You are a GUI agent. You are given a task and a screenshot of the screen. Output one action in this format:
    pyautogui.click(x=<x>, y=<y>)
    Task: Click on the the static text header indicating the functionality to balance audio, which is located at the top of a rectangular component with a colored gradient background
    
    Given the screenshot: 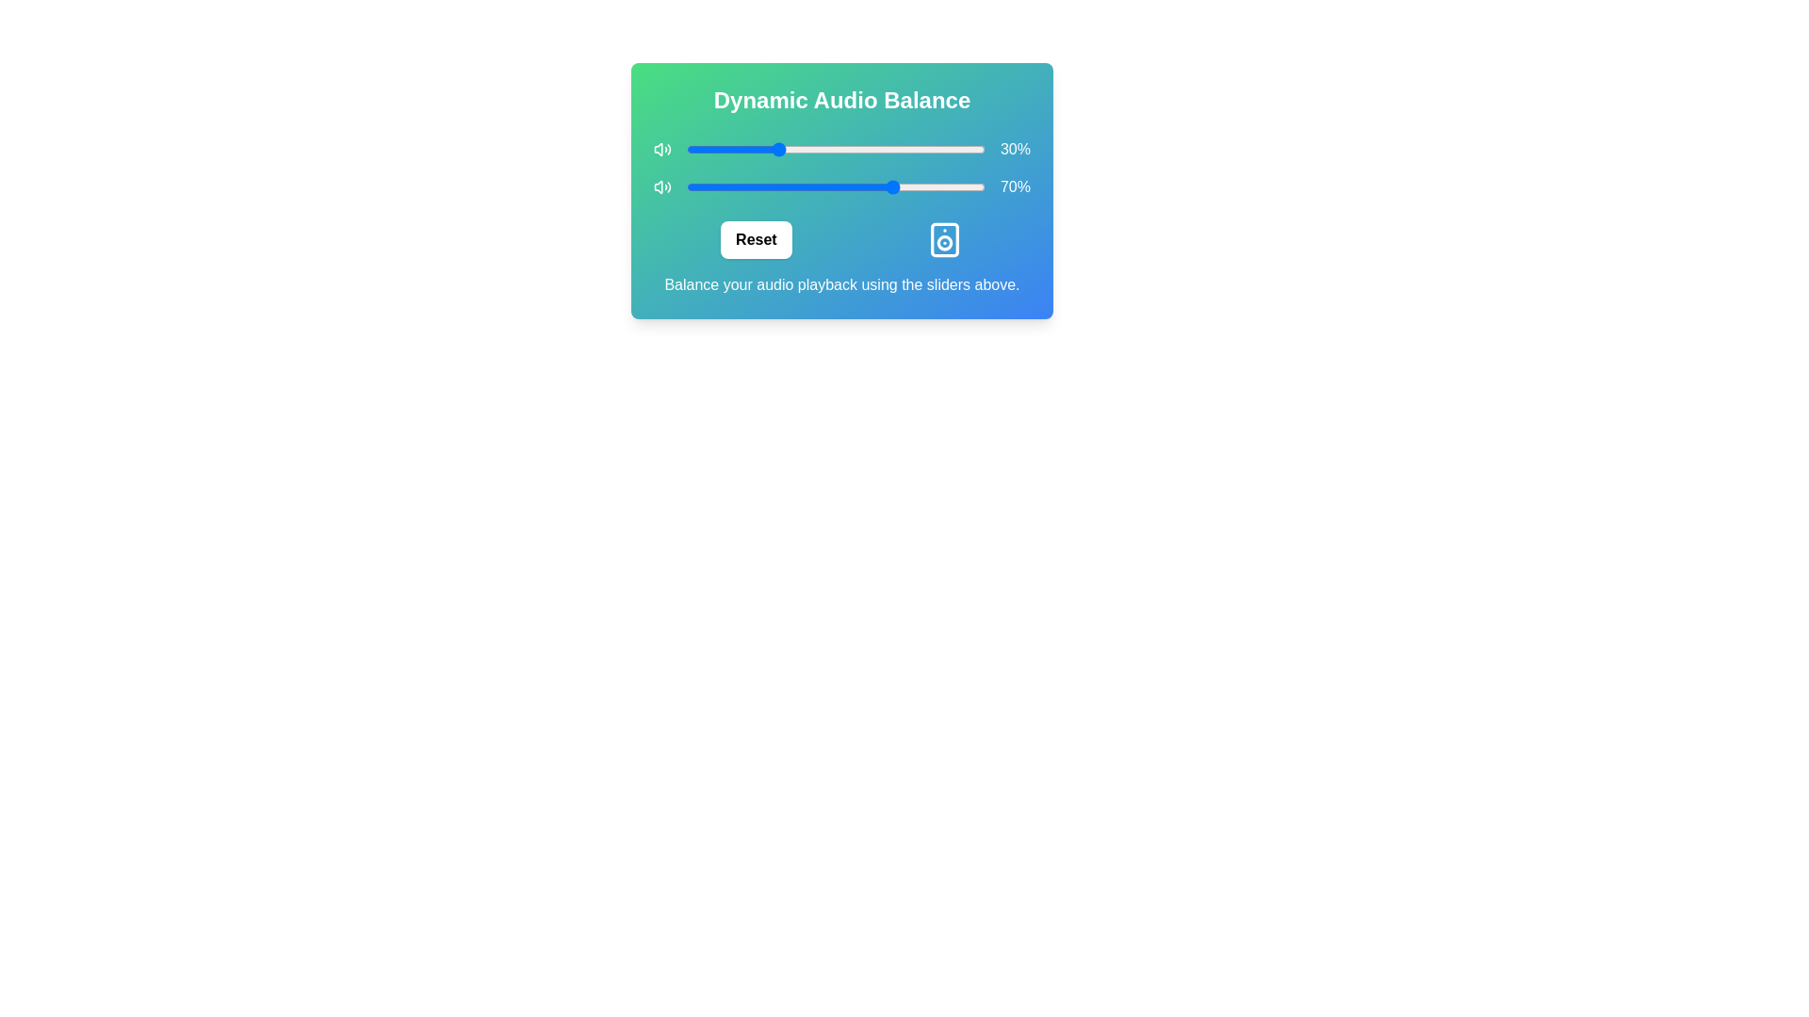 What is the action you would take?
    pyautogui.click(x=840, y=101)
    